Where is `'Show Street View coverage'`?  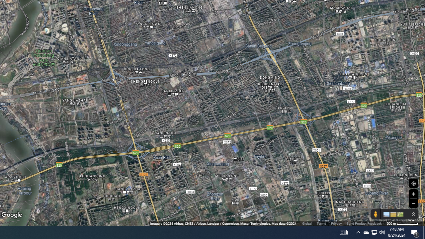
'Show Street View coverage' is located at coordinates (375, 214).